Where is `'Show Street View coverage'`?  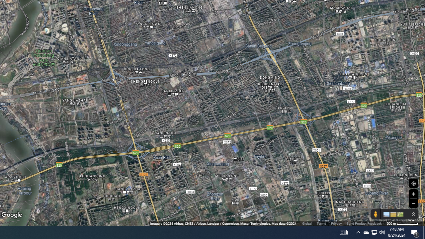
'Show Street View coverage' is located at coordinates (375, 214).